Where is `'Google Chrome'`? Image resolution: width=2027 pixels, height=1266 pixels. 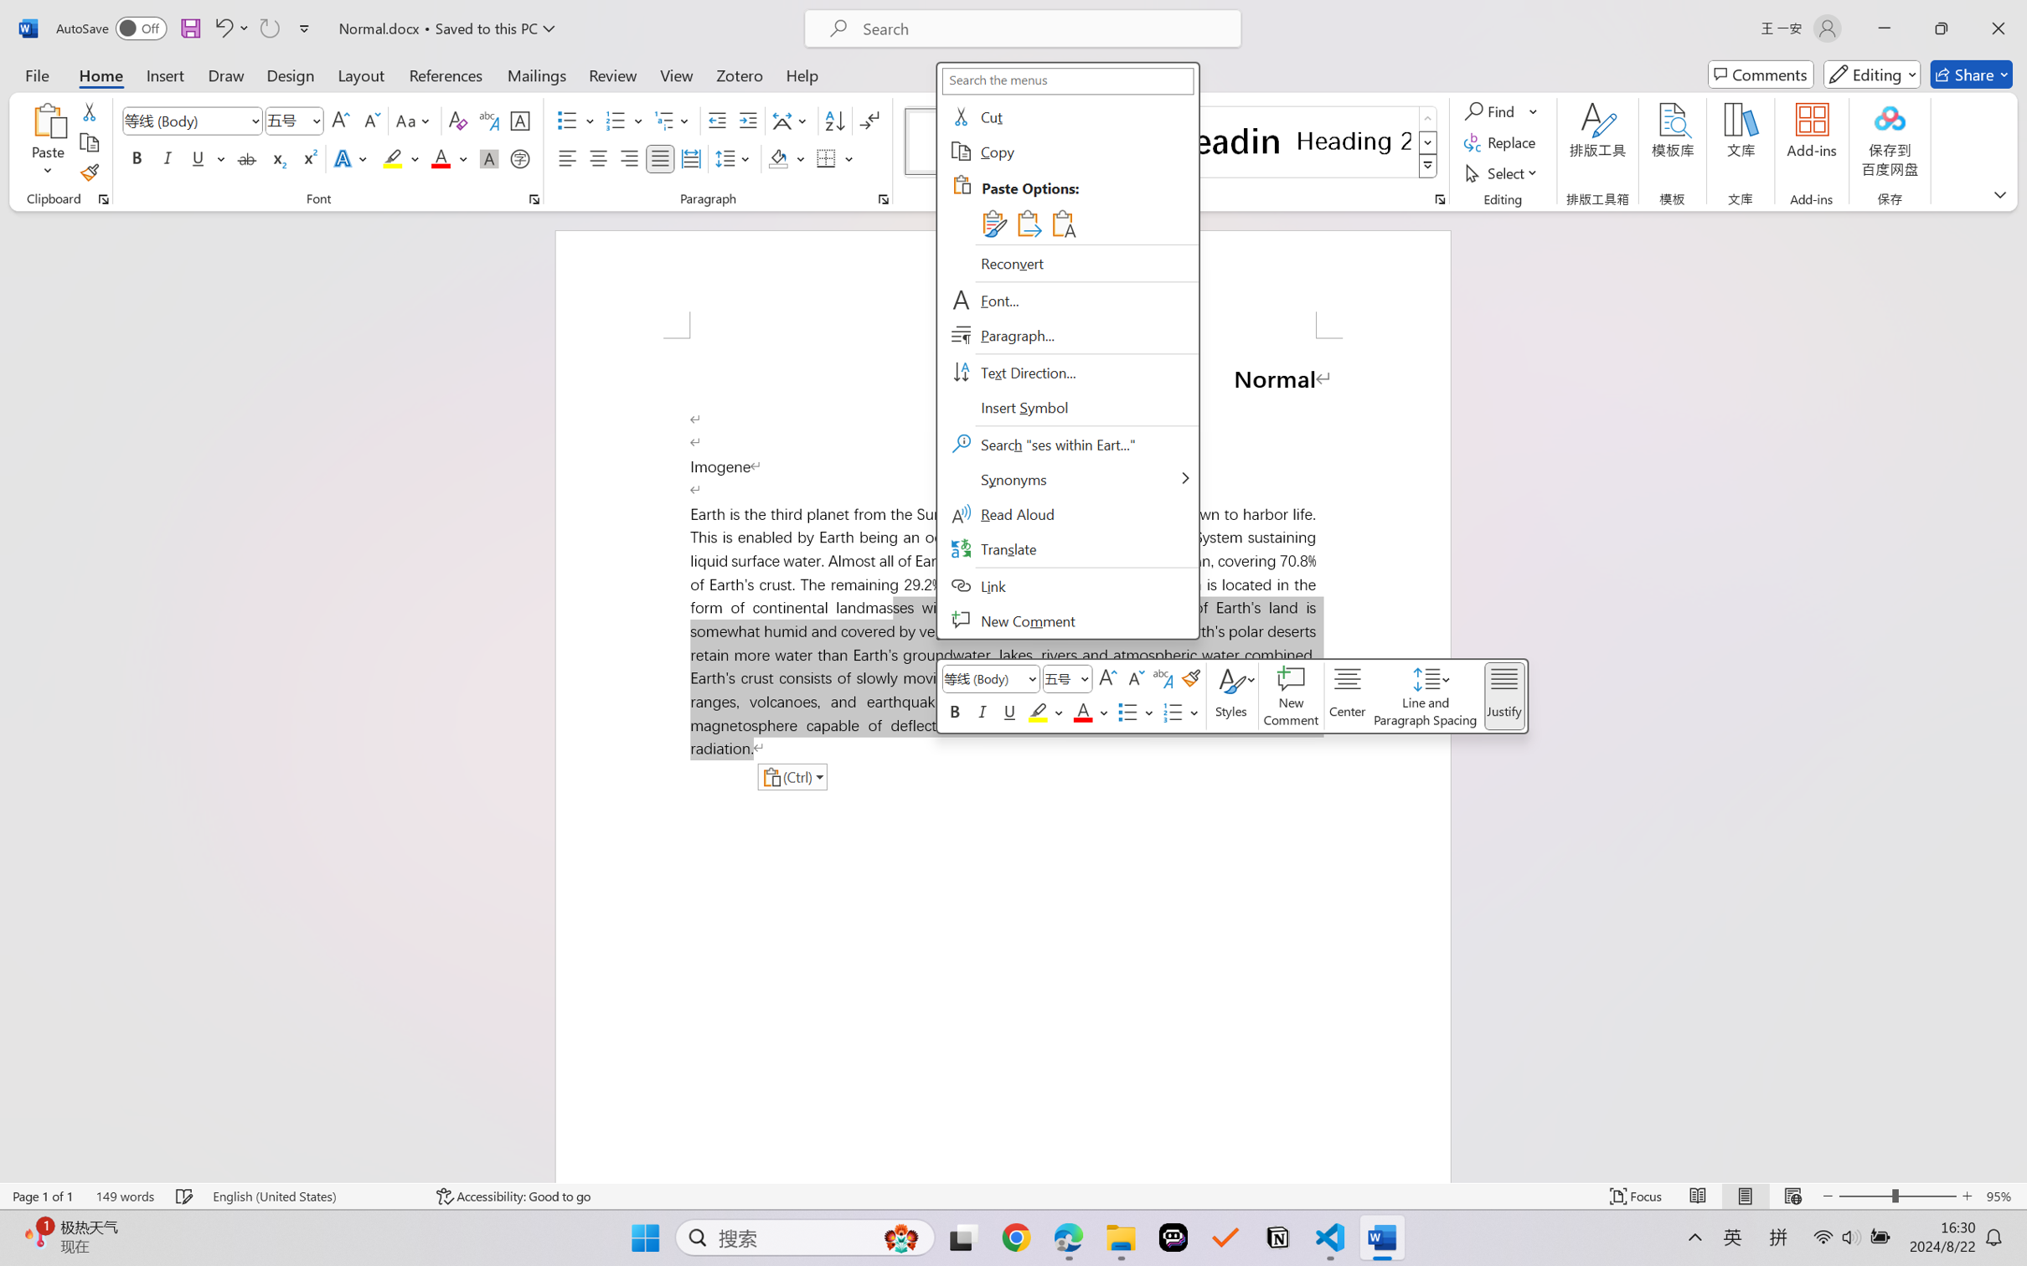
'Google Chrome' is located at coordinates (1016, 1238).